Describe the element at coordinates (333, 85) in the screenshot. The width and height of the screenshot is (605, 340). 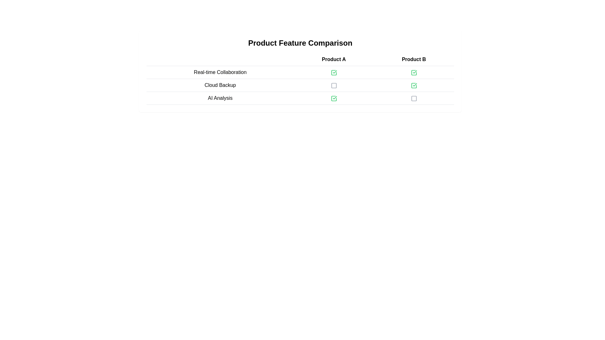
I see `the 'Cloud Backup' status icon for 'Product A' located in the second row of the comparison table` at that location.